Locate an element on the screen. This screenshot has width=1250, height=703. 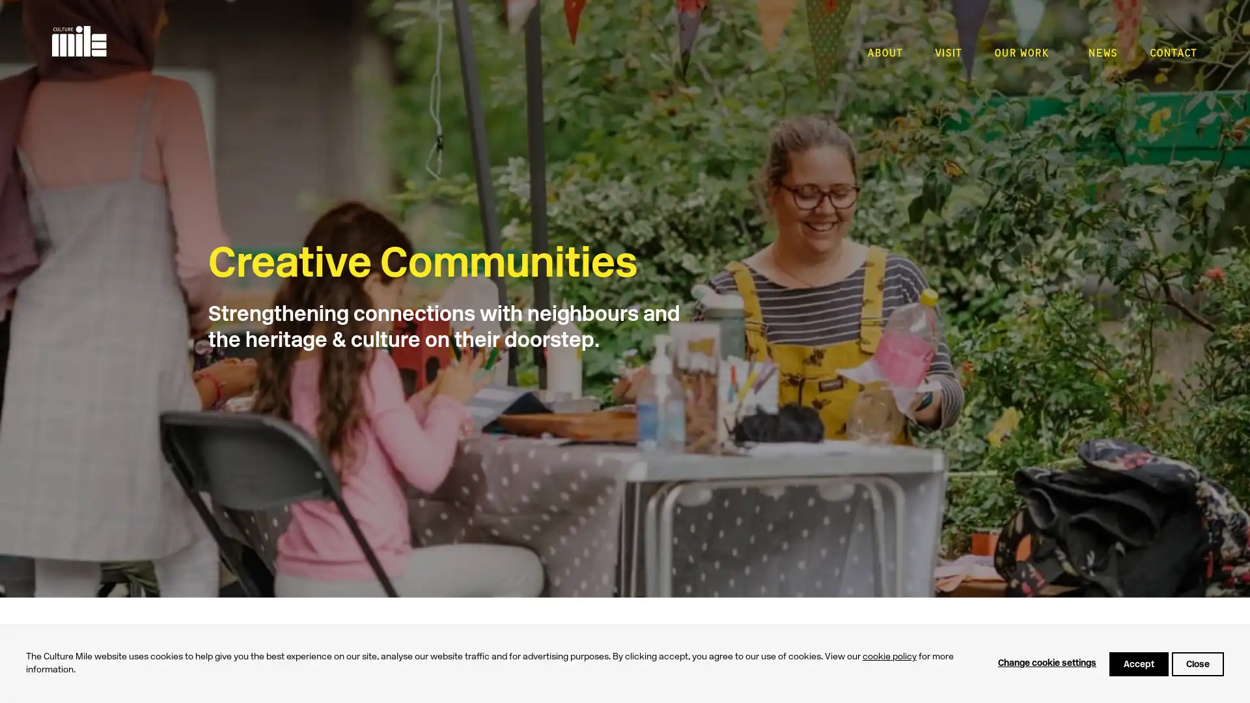
Accept is located at coordinates (1138, 663).